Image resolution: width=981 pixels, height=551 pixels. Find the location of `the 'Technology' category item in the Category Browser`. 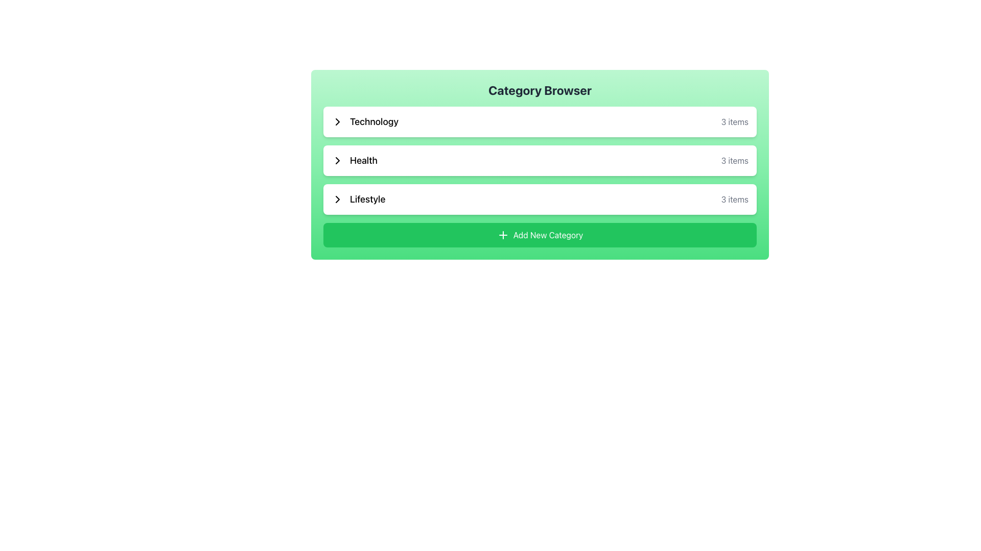

the 'Technology' category item in the Category Browser is located at coordinates (539, 121).